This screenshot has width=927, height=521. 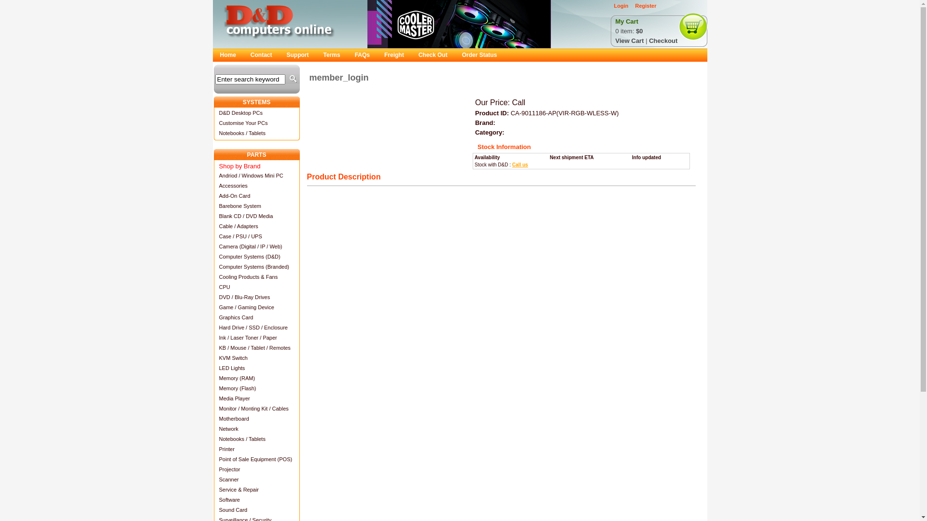 What do you see at coordinates (256, 286) in the screenshot?
I see `'CPU'` at bounding box center [256, 286].